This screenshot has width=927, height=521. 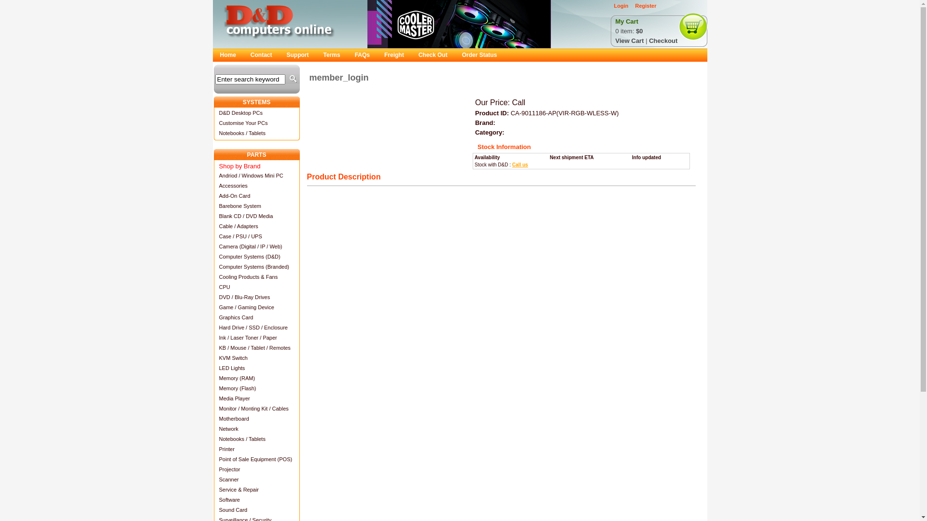 What do you see at coordinates (256, 286) in the screenshot?
I see `'CPU'` at bounding box center [256, 286].